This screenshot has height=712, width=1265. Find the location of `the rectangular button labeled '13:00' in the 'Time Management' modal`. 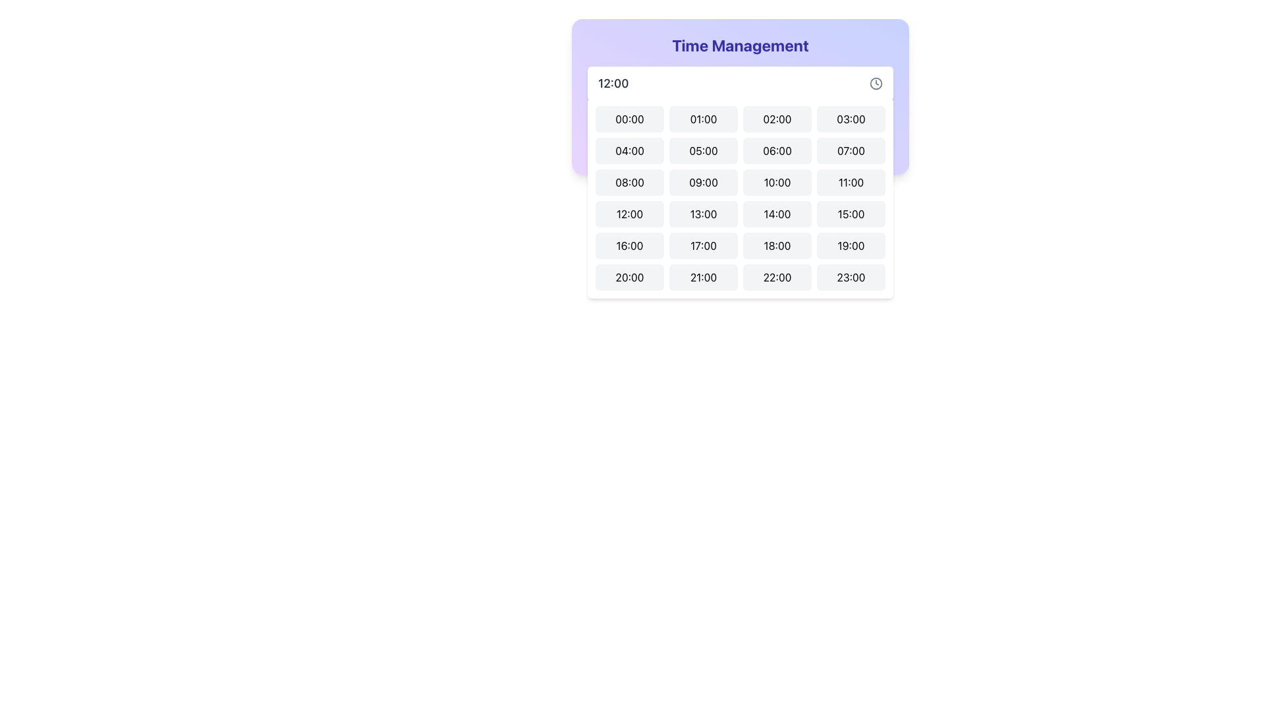

the rectangular button labeled '13:00' in the 'Time Management' modal is located at coordinates (703, 213).